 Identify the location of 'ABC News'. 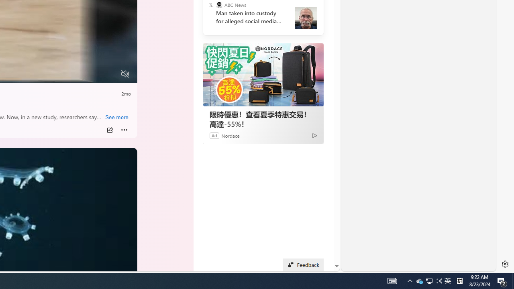
(219, 5).